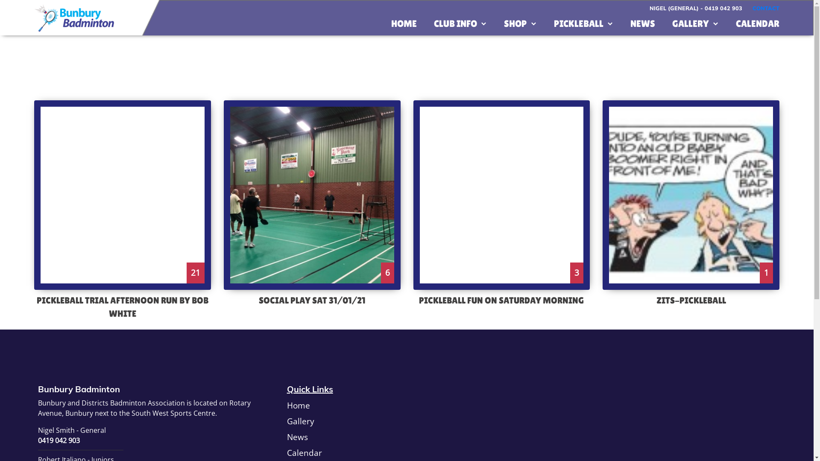  Describe the element at coordinates (403, 23) in the screenshot. I see `'HOME'` at that location.